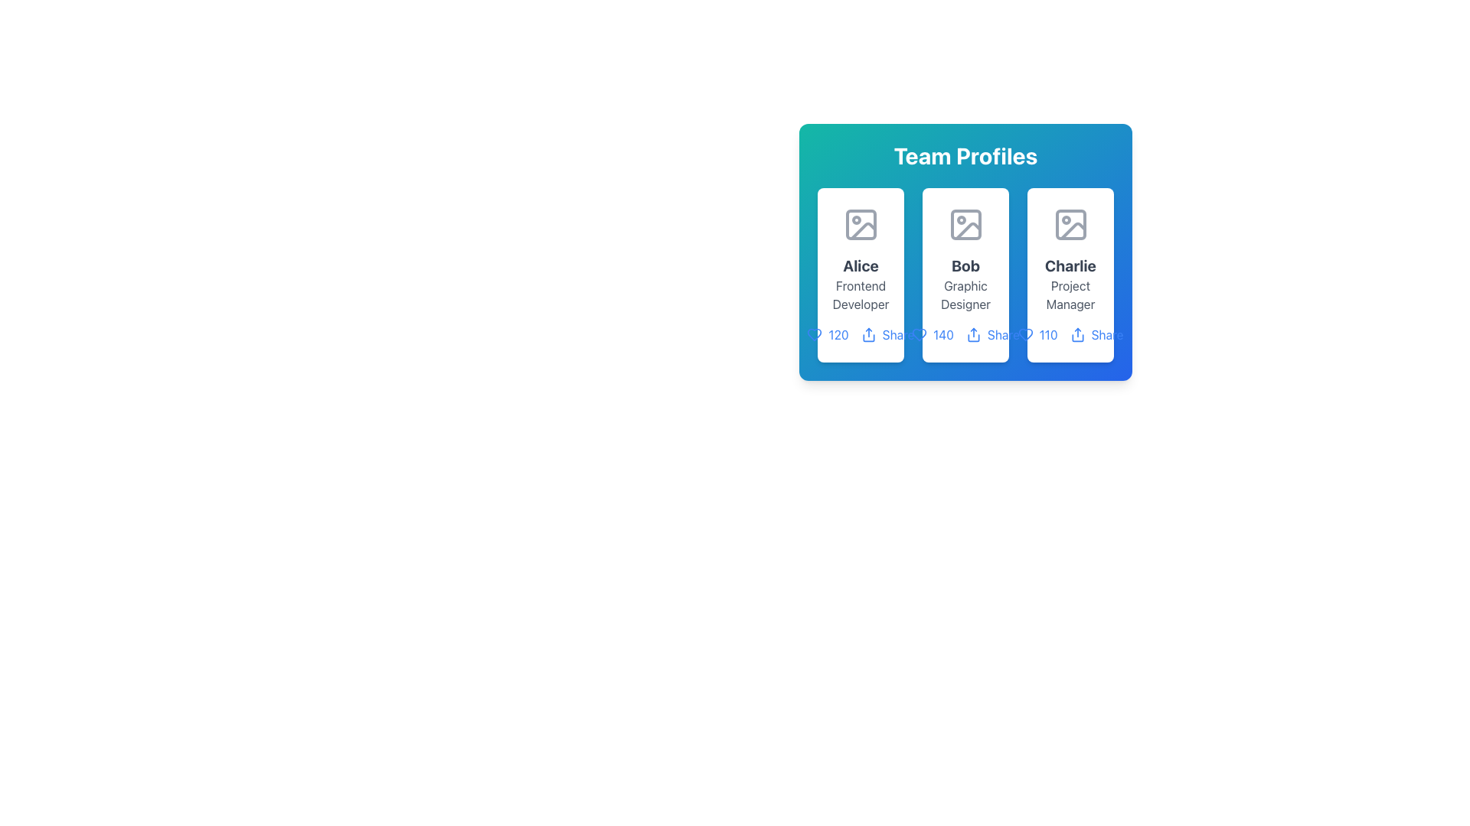  I want to click on the image placeholder icon, which is a gray icon with a square outline and rounded corners, located at the top-center of the card labeled 'Charlie', above the text 'Project Manager', so click(1070, 224).